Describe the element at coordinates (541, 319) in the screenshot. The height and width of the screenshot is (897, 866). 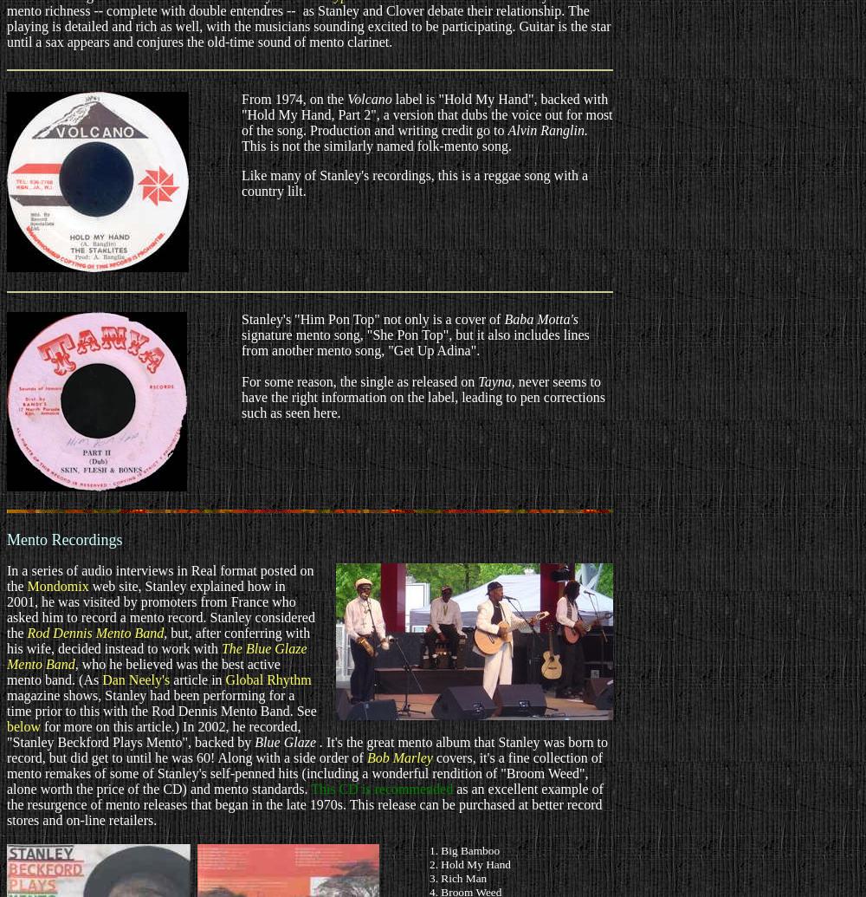
I see `'Baba Motta's'` at that location.